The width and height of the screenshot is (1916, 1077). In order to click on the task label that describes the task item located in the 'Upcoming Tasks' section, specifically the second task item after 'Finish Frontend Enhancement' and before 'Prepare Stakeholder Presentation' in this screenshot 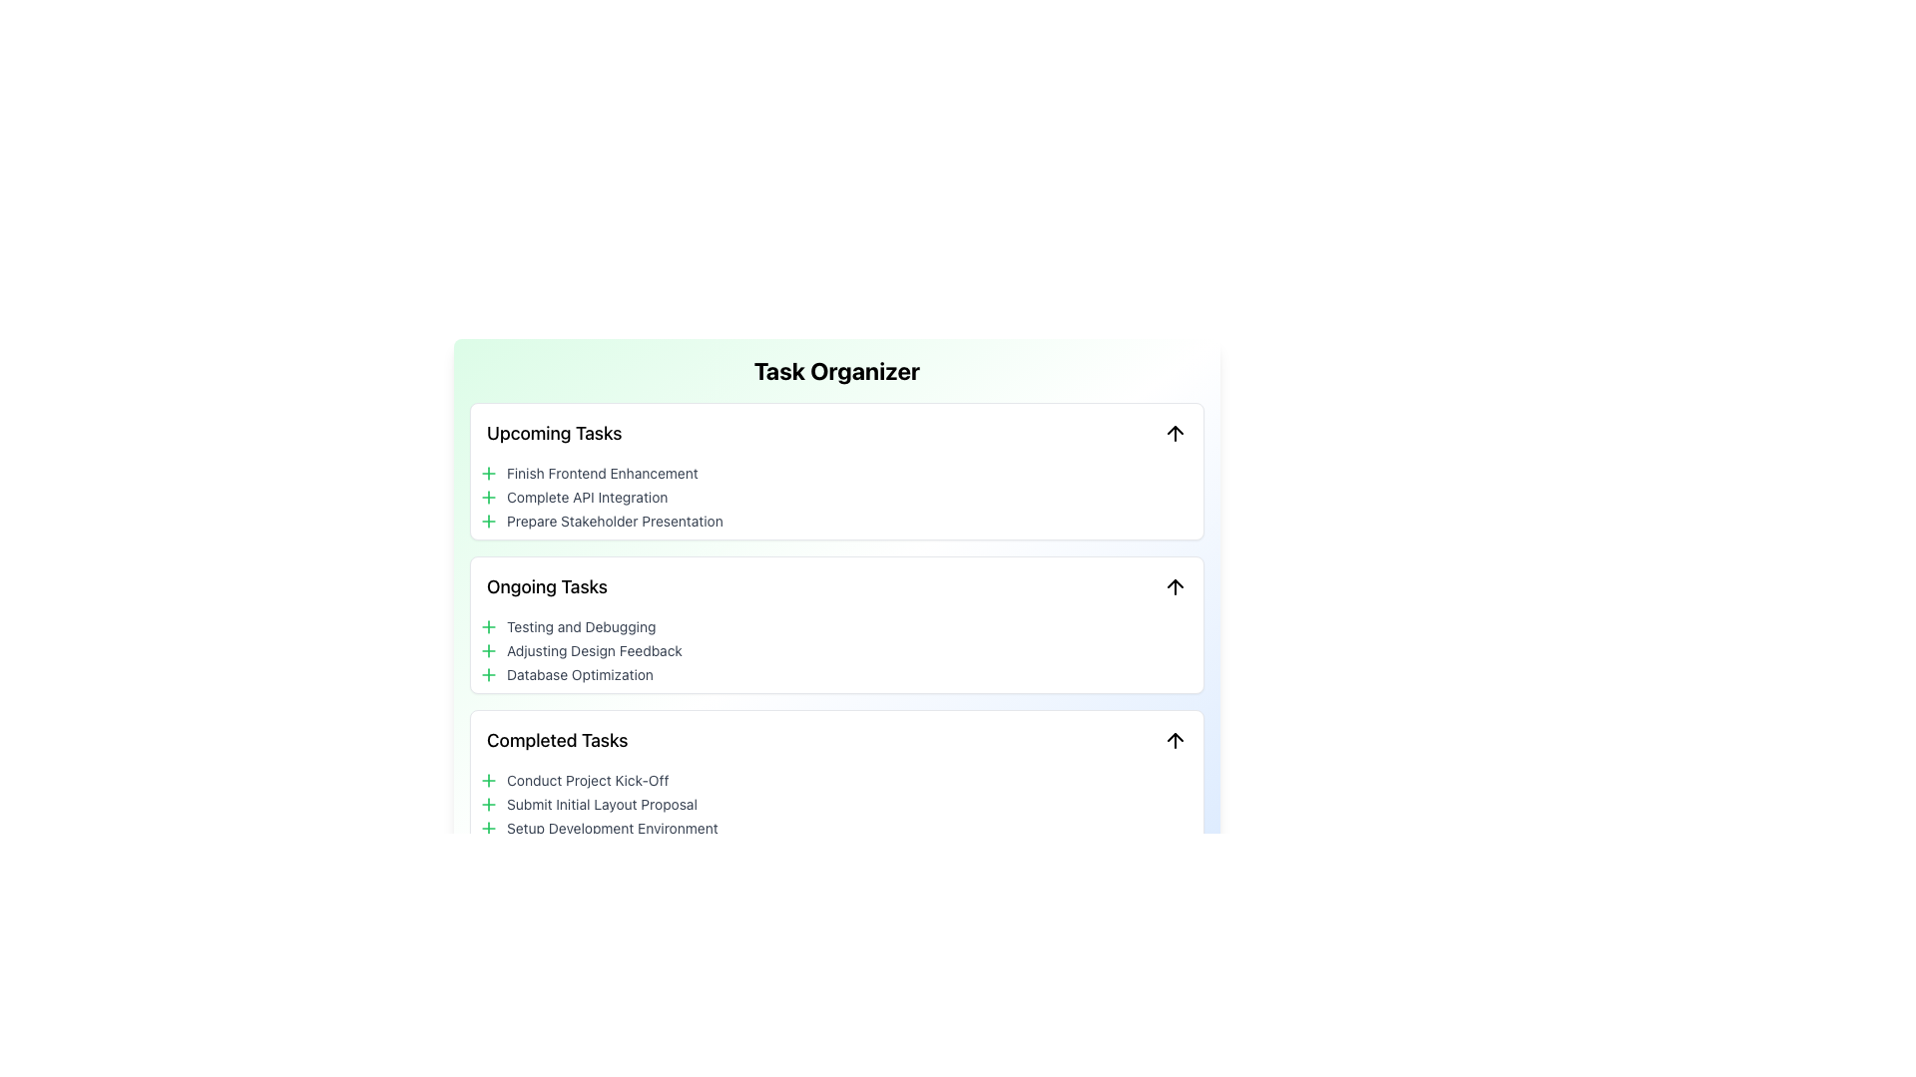, I will do `click(586, 496)`.